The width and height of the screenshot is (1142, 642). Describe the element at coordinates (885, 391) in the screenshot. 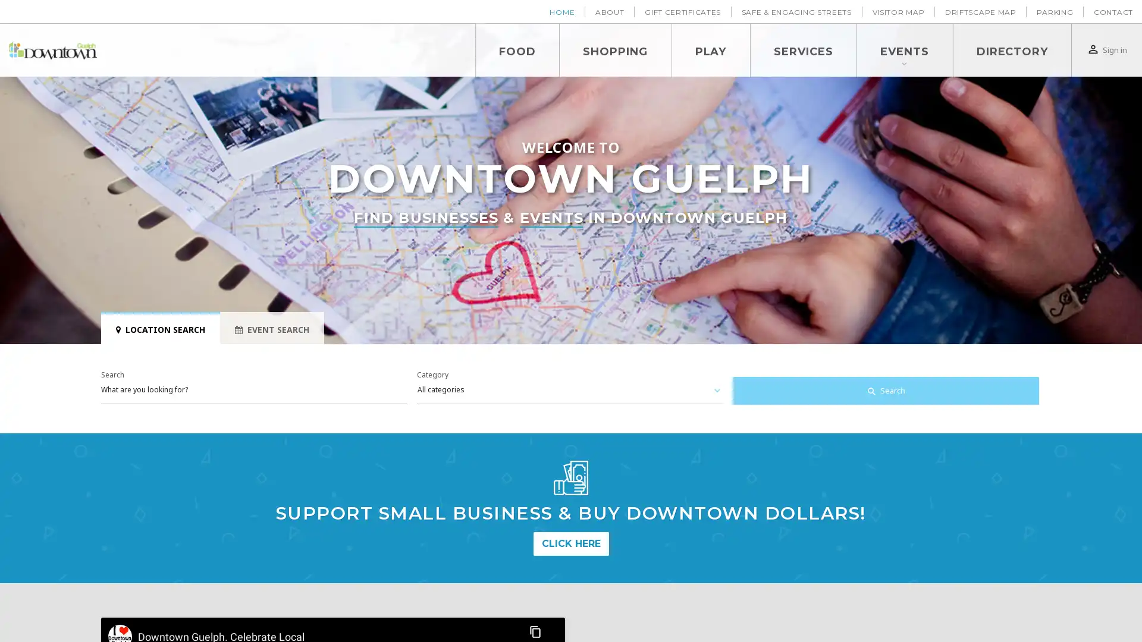

I see `searchSearch` at that location.